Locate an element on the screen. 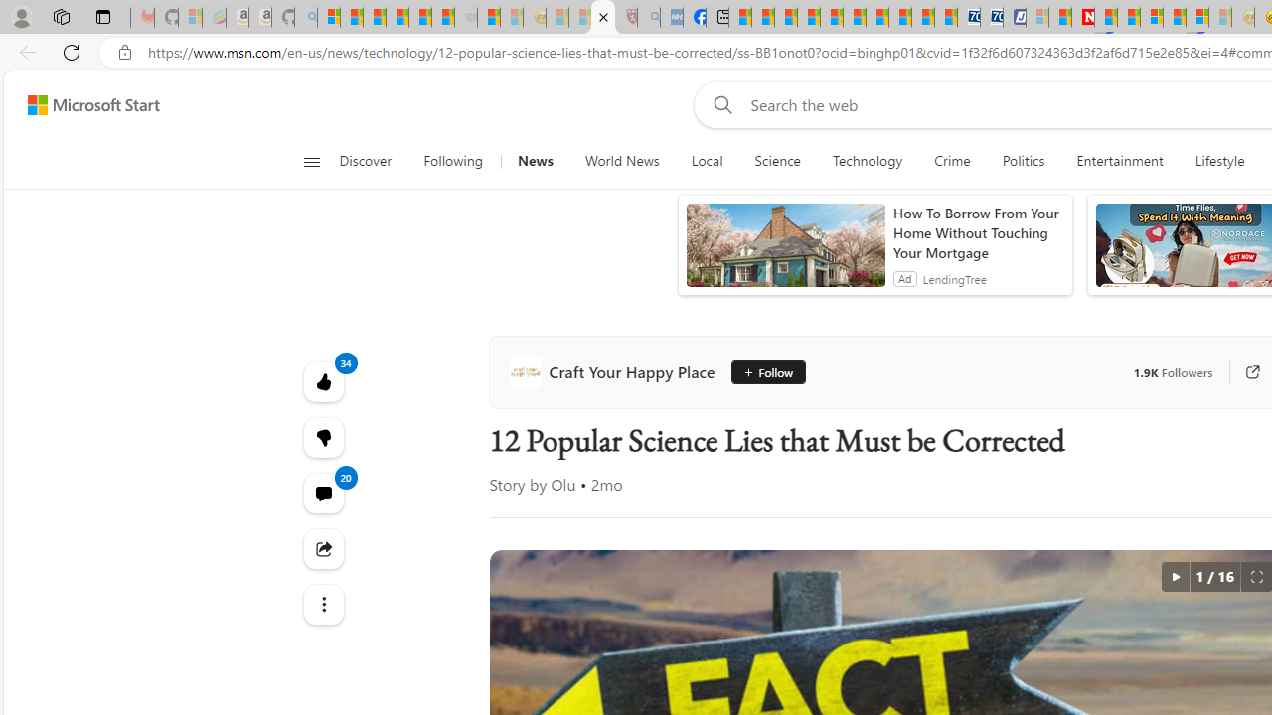 This screenshot has width=1272, height=715. 'Go to publisher' is located at coordinates (1251, 372).